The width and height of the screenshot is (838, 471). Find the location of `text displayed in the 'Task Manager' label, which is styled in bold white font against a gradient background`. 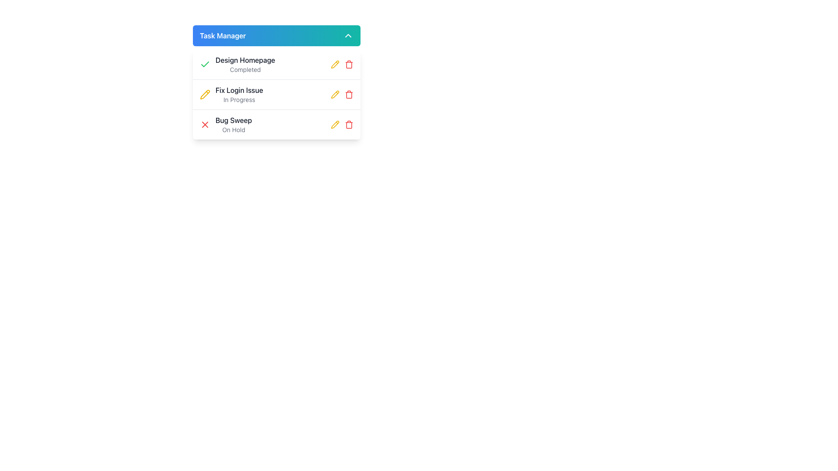

text displayed in the 'Task Manager' label, which is styled in bold white font against a gradient background is located at coordinates (223, 35).